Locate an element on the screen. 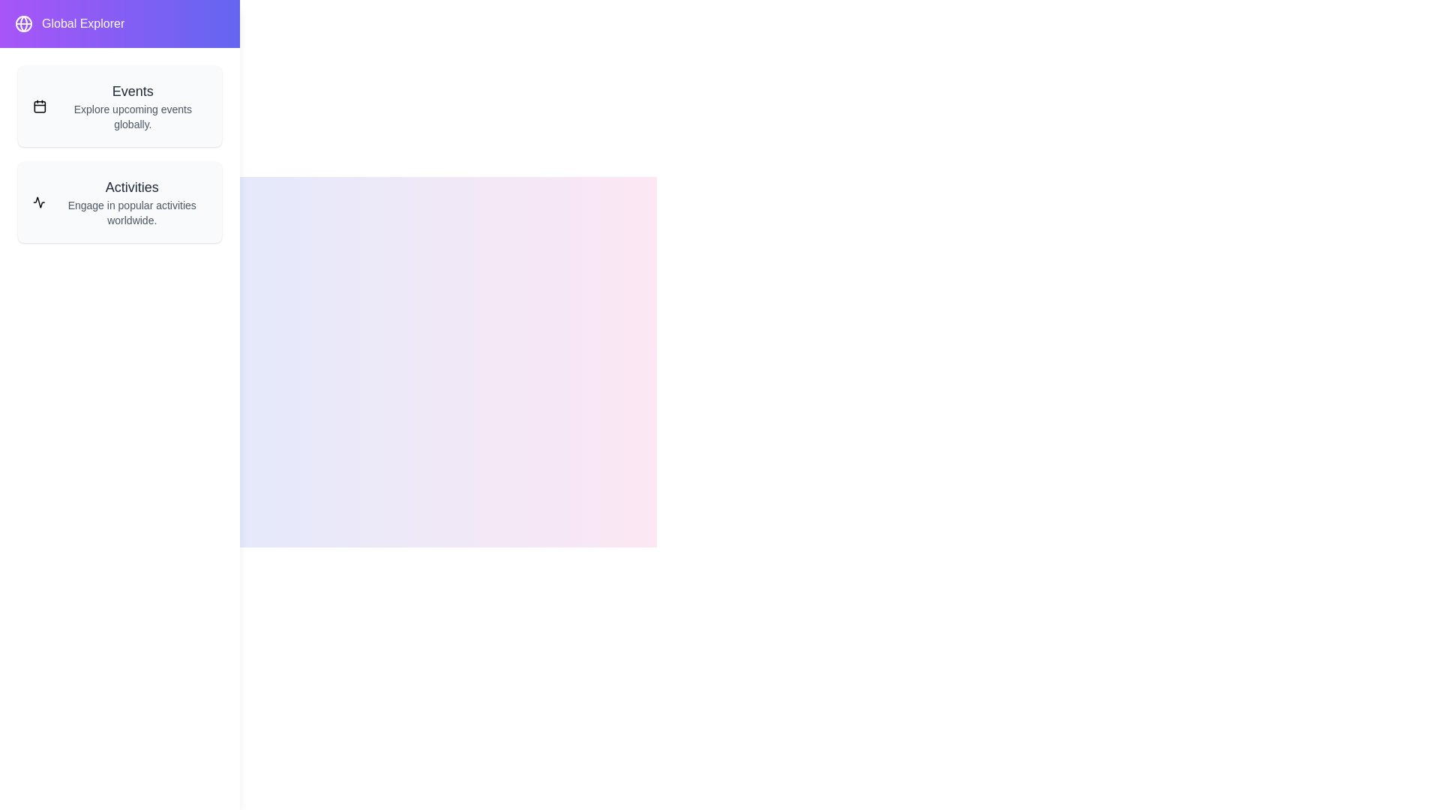 This screenshot has width=1440, height=810. the button at the top-left corner to toggle the drawer's visibility is located at coordinates (32, 32).